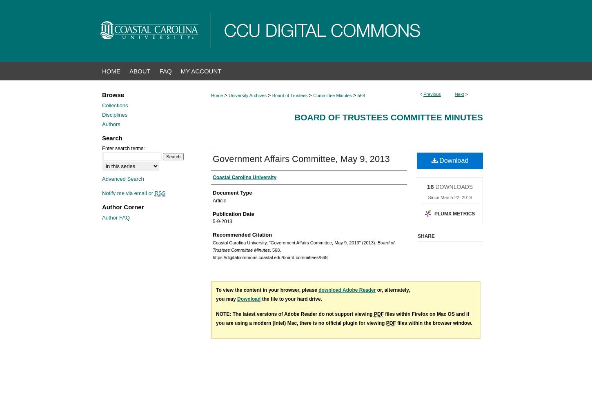 This screenshot has width=592, height=408. I want to click on 'Recommended Citation', so click(242, 234).